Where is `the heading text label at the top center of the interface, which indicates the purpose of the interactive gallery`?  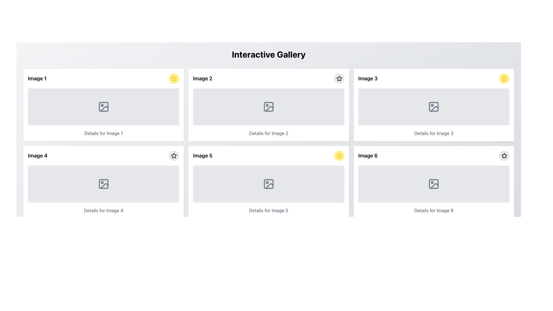
the heading text label at the top center of the interface, which indicates the purpose of the interactive gallery is located at coordinates (268, 54).